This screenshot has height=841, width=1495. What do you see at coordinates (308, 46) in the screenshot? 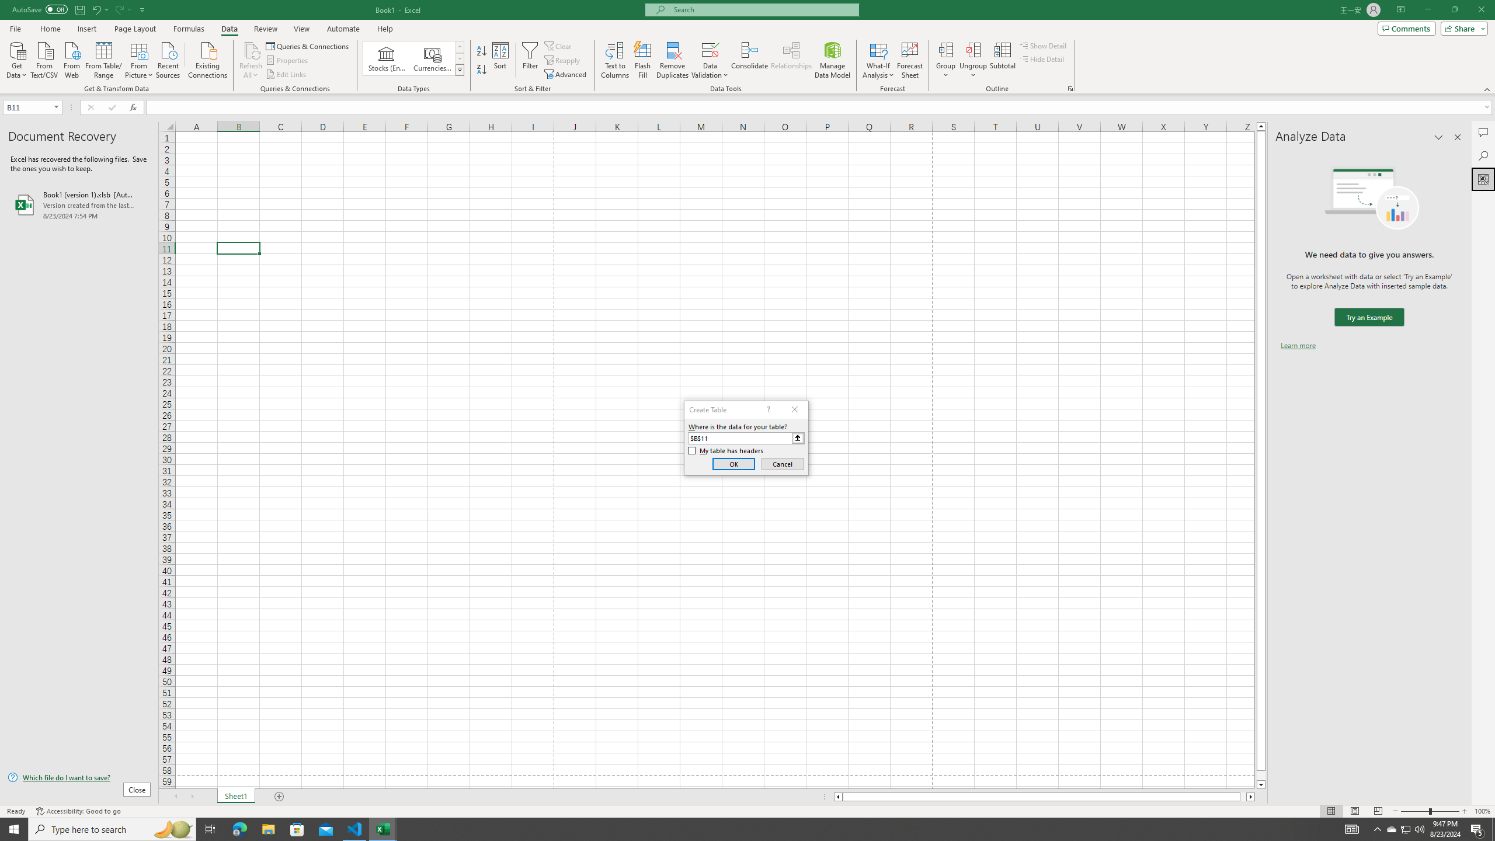
I see `'Queries & Connections'` at bounding box center [308, 46].